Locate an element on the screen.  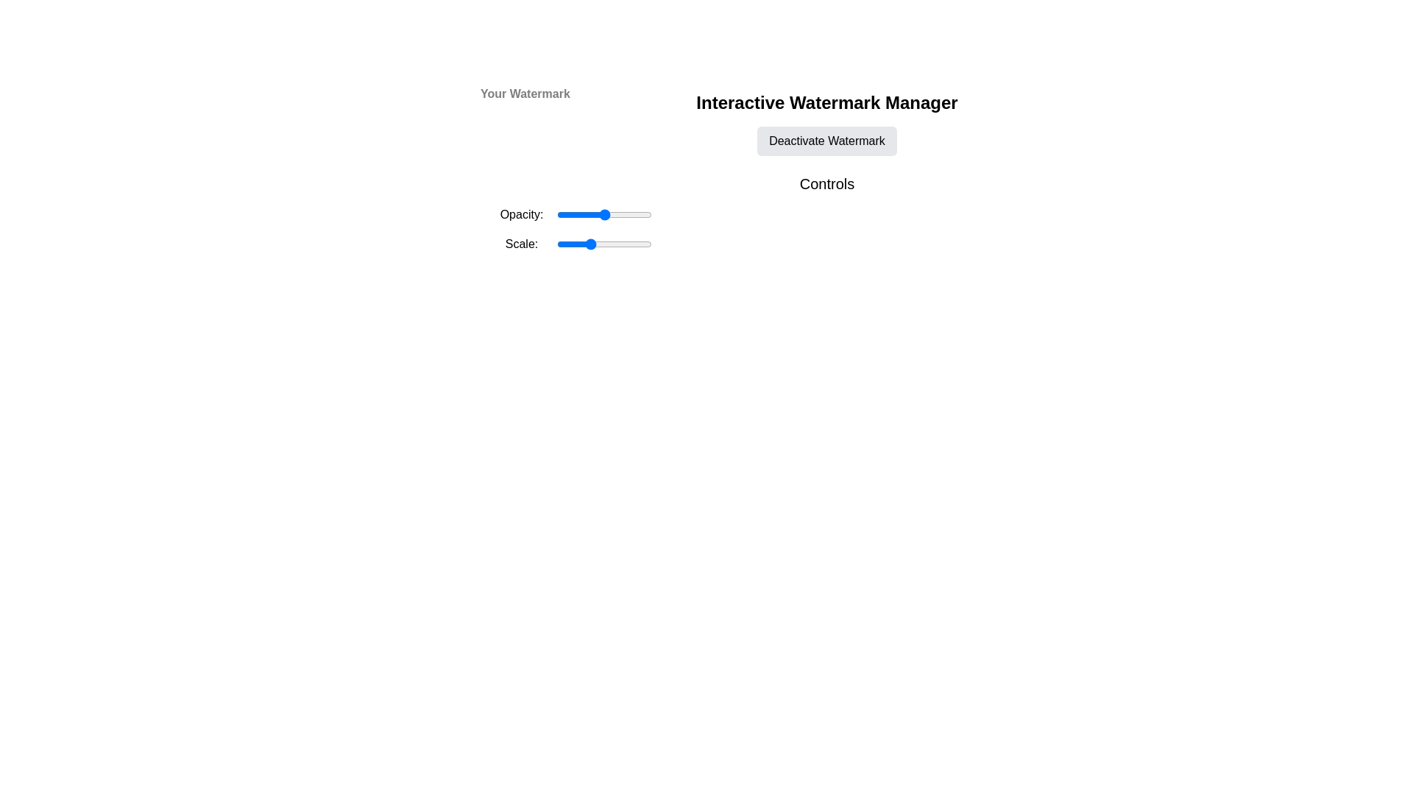
the button located below the title 'Interactive Watermark Manager' is located at coordinates (826, 141).